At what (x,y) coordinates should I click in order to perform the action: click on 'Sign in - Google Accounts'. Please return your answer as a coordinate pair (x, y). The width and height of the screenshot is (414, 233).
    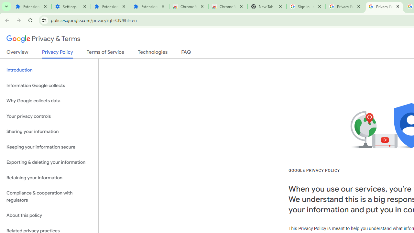
    Looking at the image, I should click on (306, 6).